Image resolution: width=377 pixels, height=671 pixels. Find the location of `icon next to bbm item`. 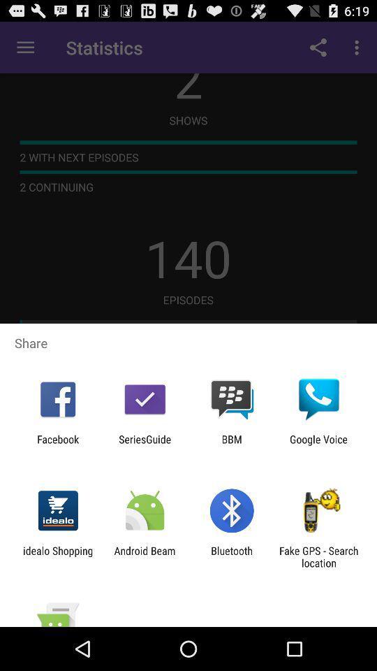

icon next to bbm item is located at coordinates (144, 445).